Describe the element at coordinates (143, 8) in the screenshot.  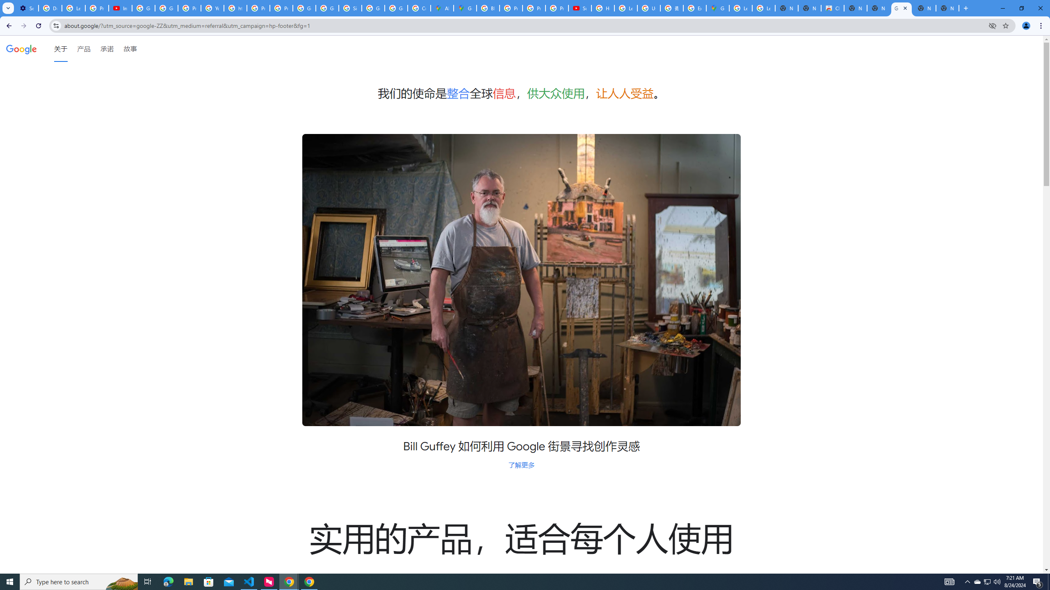
I see `'Google Account Help'` at that location.